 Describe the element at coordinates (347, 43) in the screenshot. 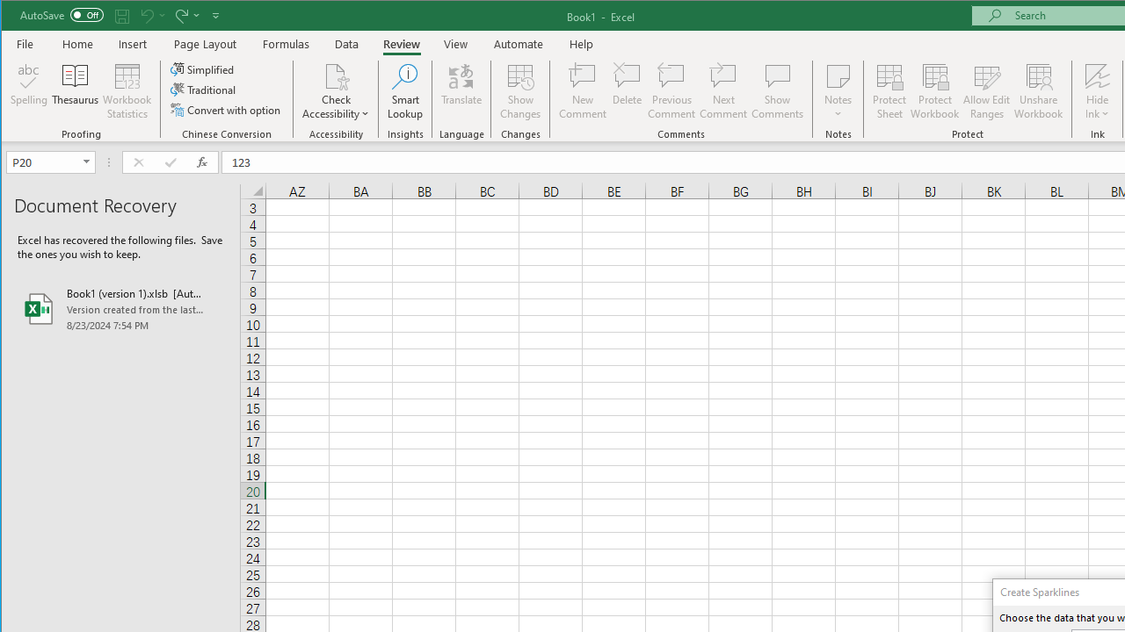

I see `'Data'` at that location.